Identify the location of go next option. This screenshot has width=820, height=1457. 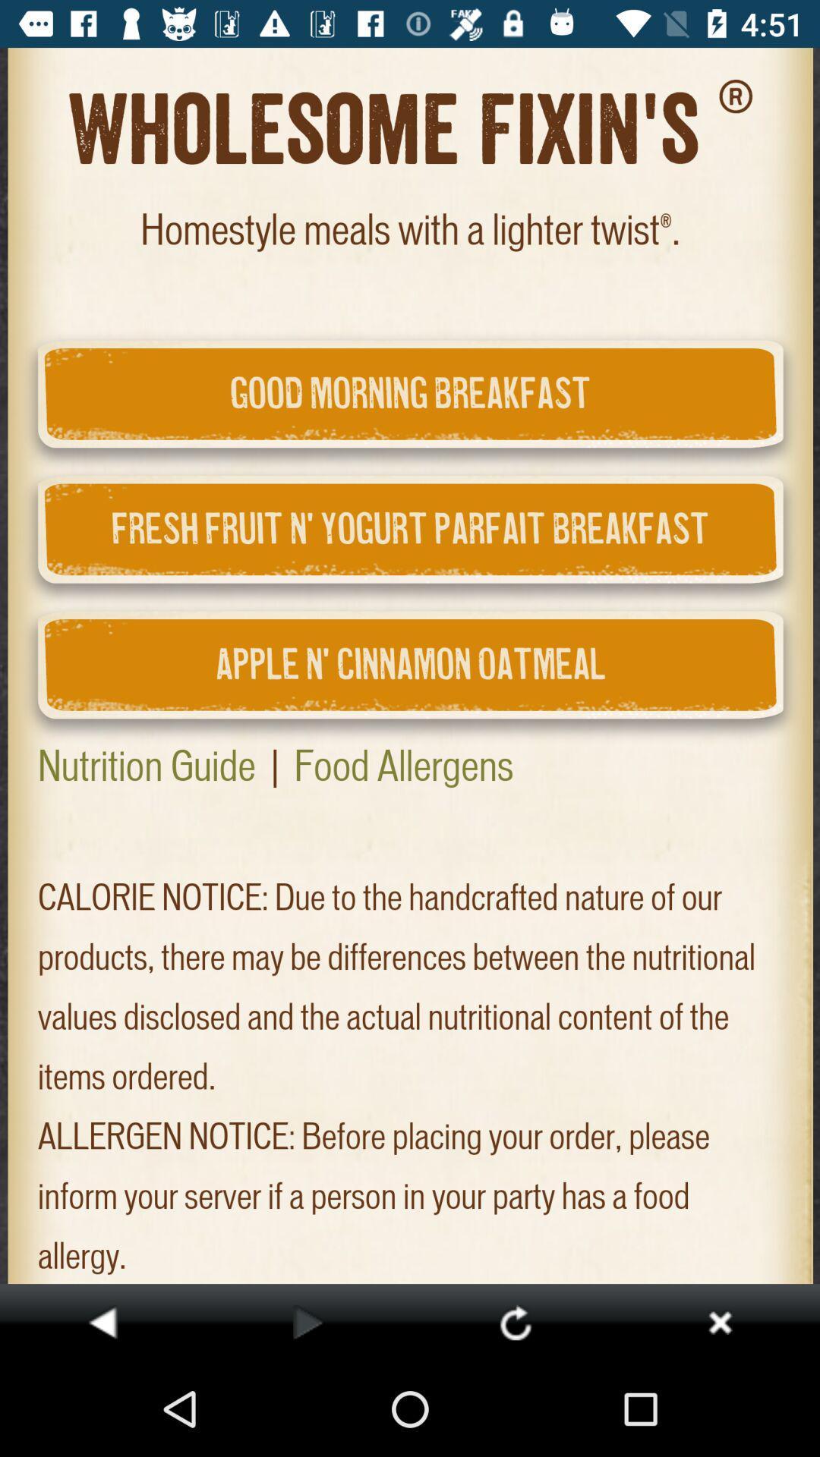
(307, 1321).